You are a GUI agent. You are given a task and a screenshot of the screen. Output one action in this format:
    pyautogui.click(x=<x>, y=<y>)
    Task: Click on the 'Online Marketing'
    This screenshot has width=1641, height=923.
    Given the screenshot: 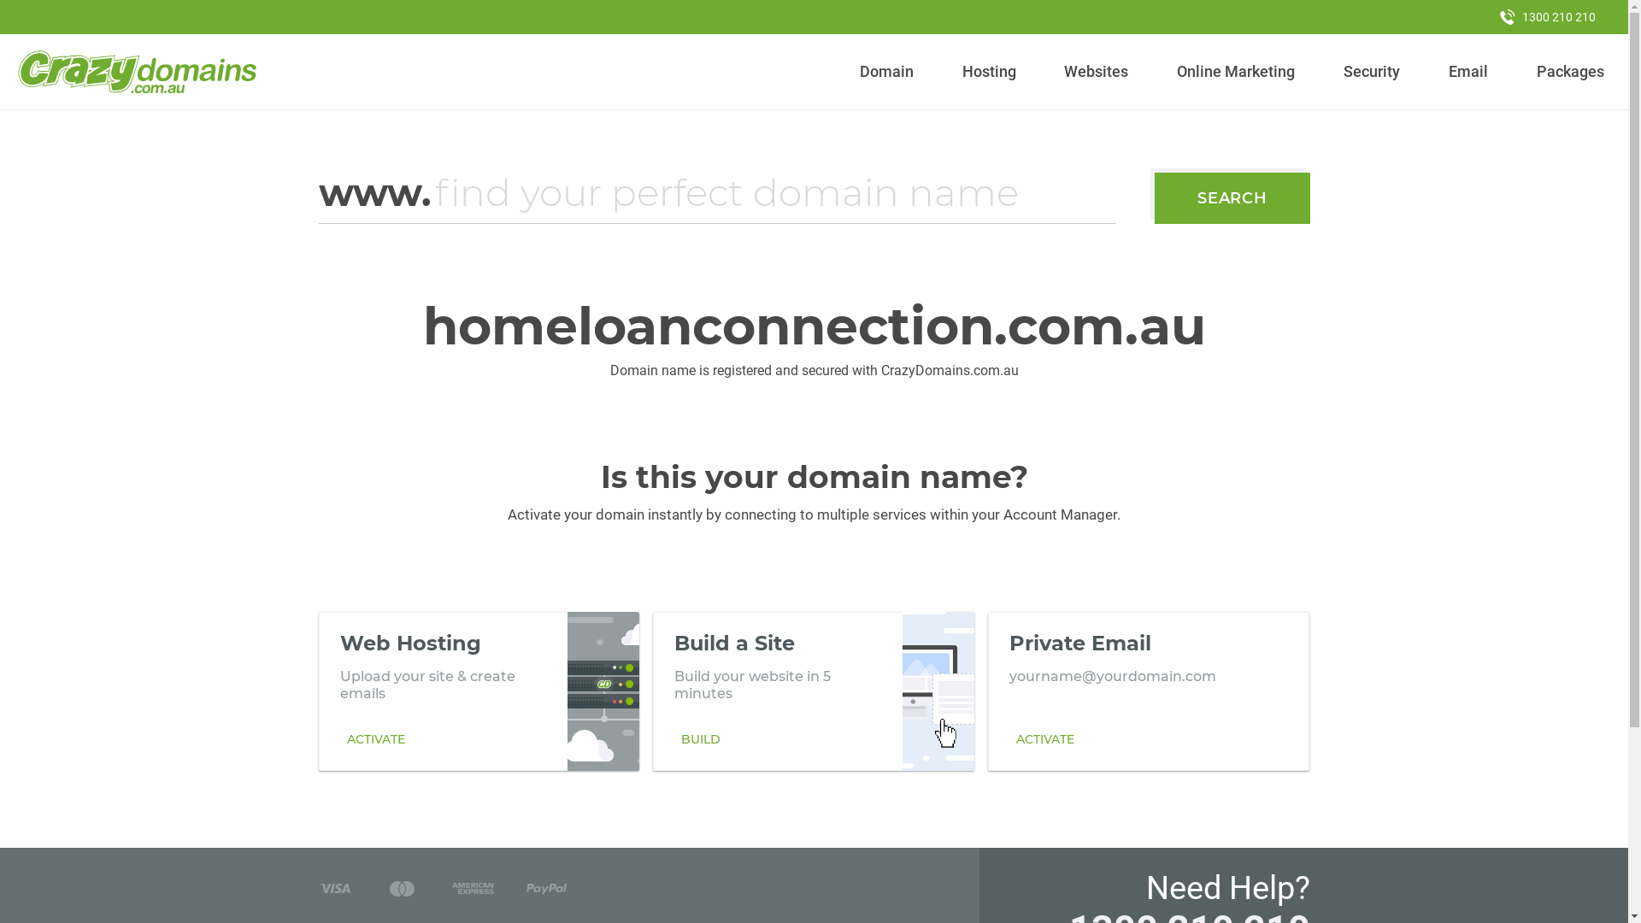 What is the action you would take?
    pyautogui.click(x=1236, y=71)
    